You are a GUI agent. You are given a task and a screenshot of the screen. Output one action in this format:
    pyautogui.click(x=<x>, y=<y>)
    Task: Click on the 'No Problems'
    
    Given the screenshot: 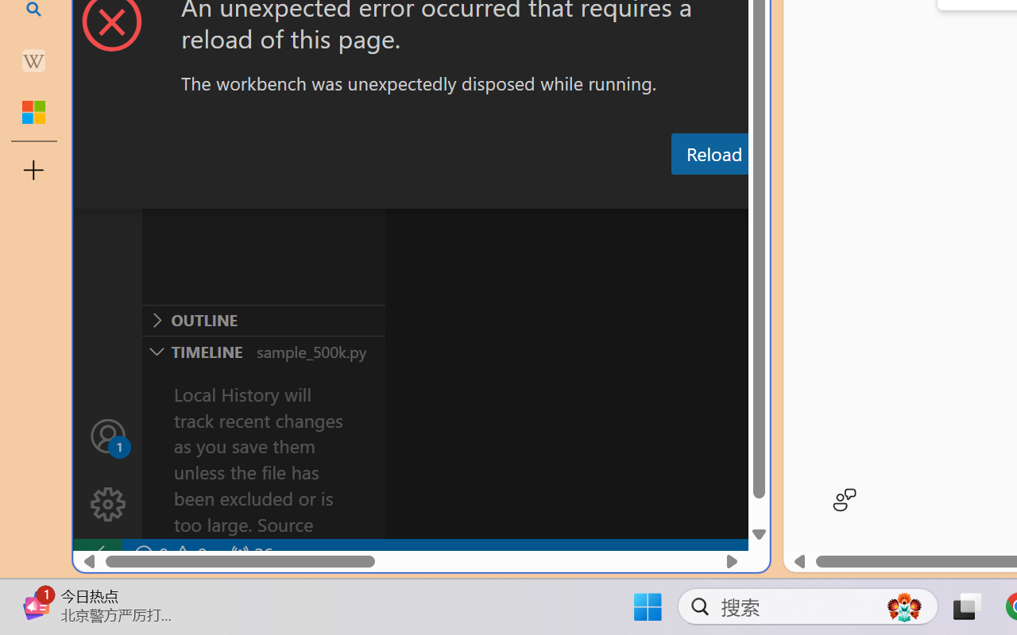 What is the action you would take?
    pyautogui.click(x=169, y=554)
    